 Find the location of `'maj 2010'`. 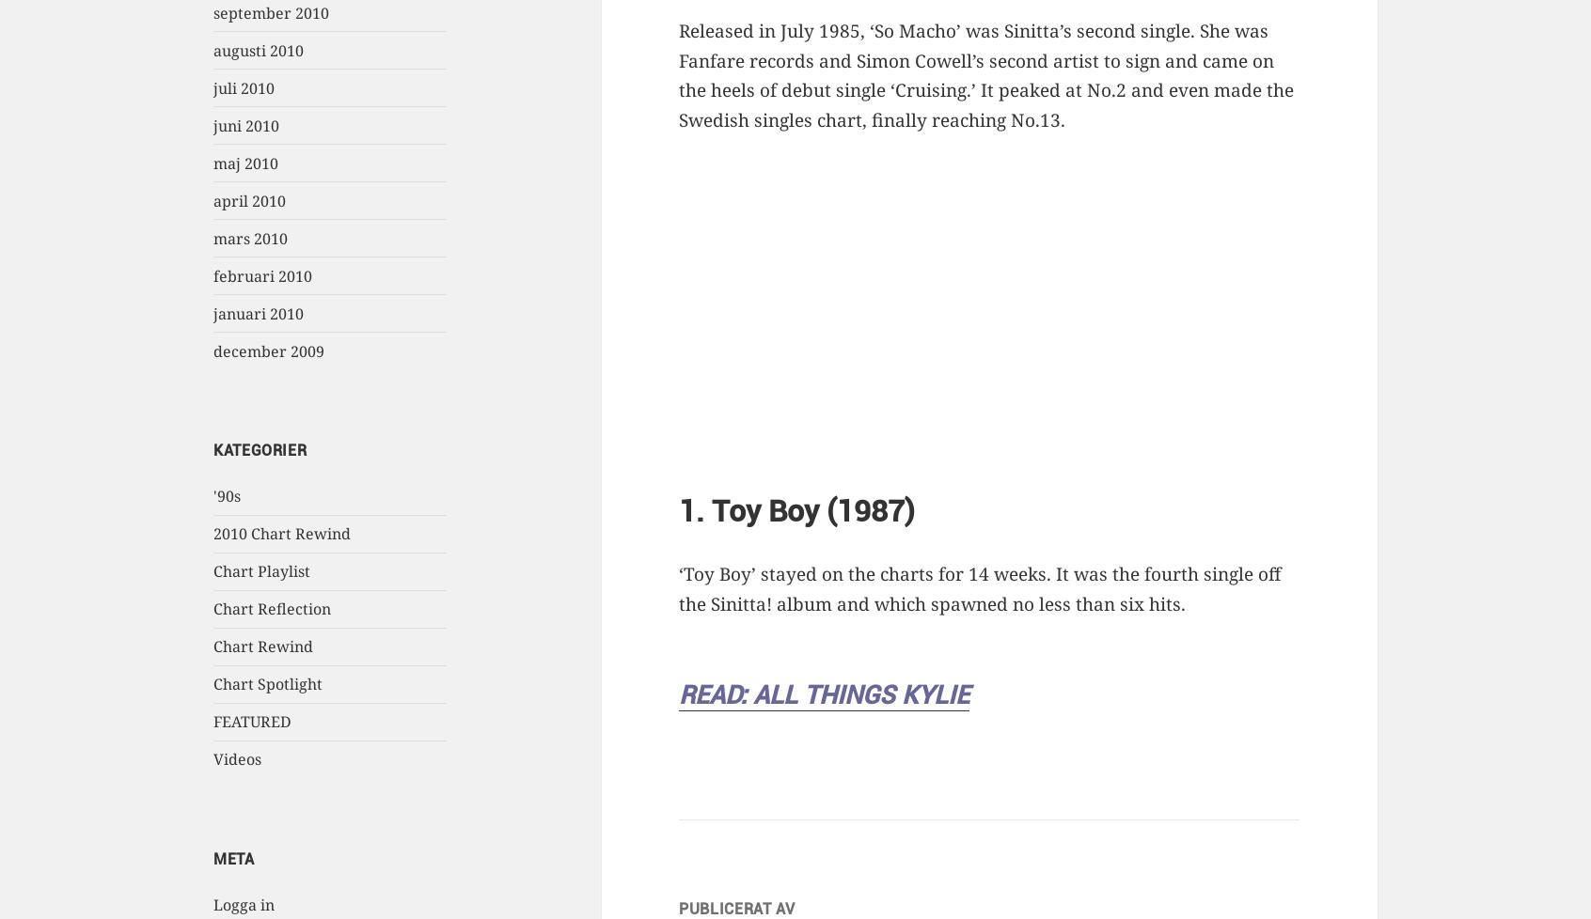

'maj 2010' is located at coordinates (245, 163).